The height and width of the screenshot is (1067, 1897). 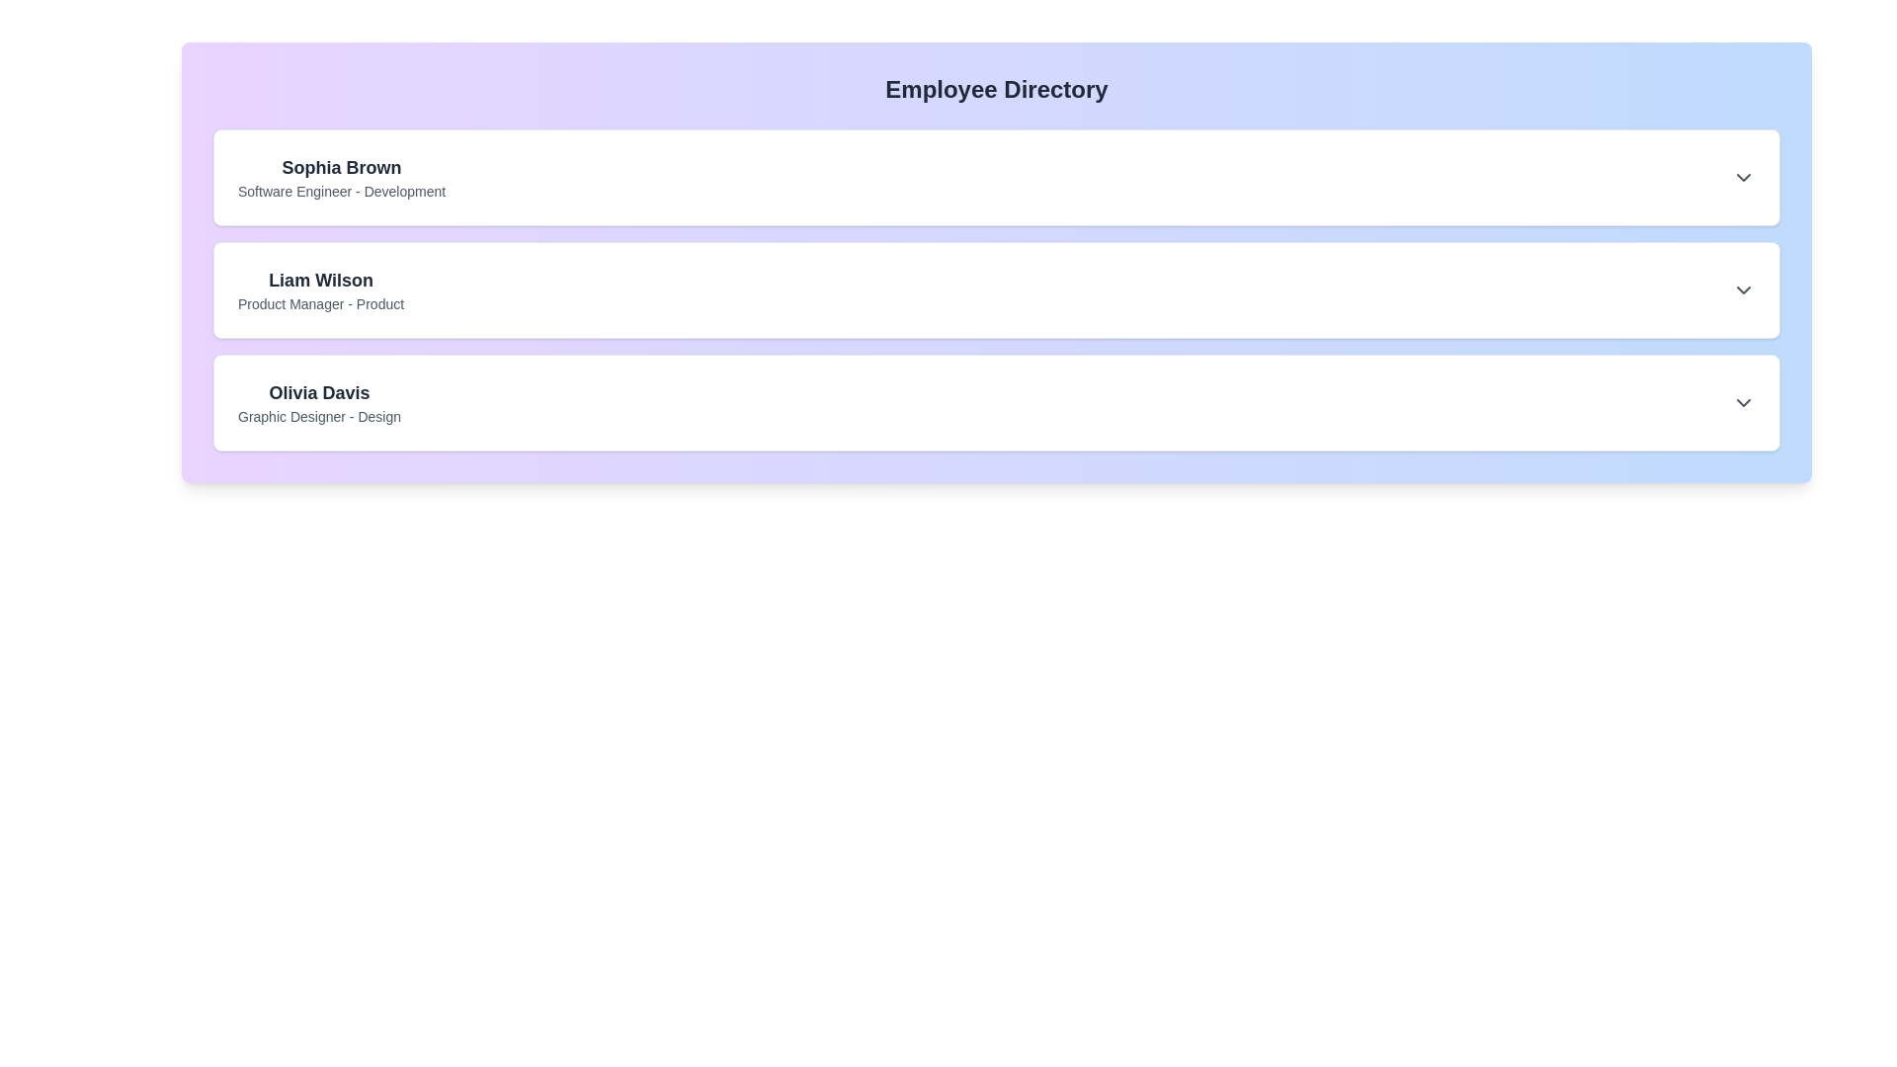 What do you see at coordinates (1744, 178) in the screenshot?
I see `the button located at the top-right corner of the card titled 'Sophia Brown Software Engineer - Development'` at bounding box center [1744, 178].